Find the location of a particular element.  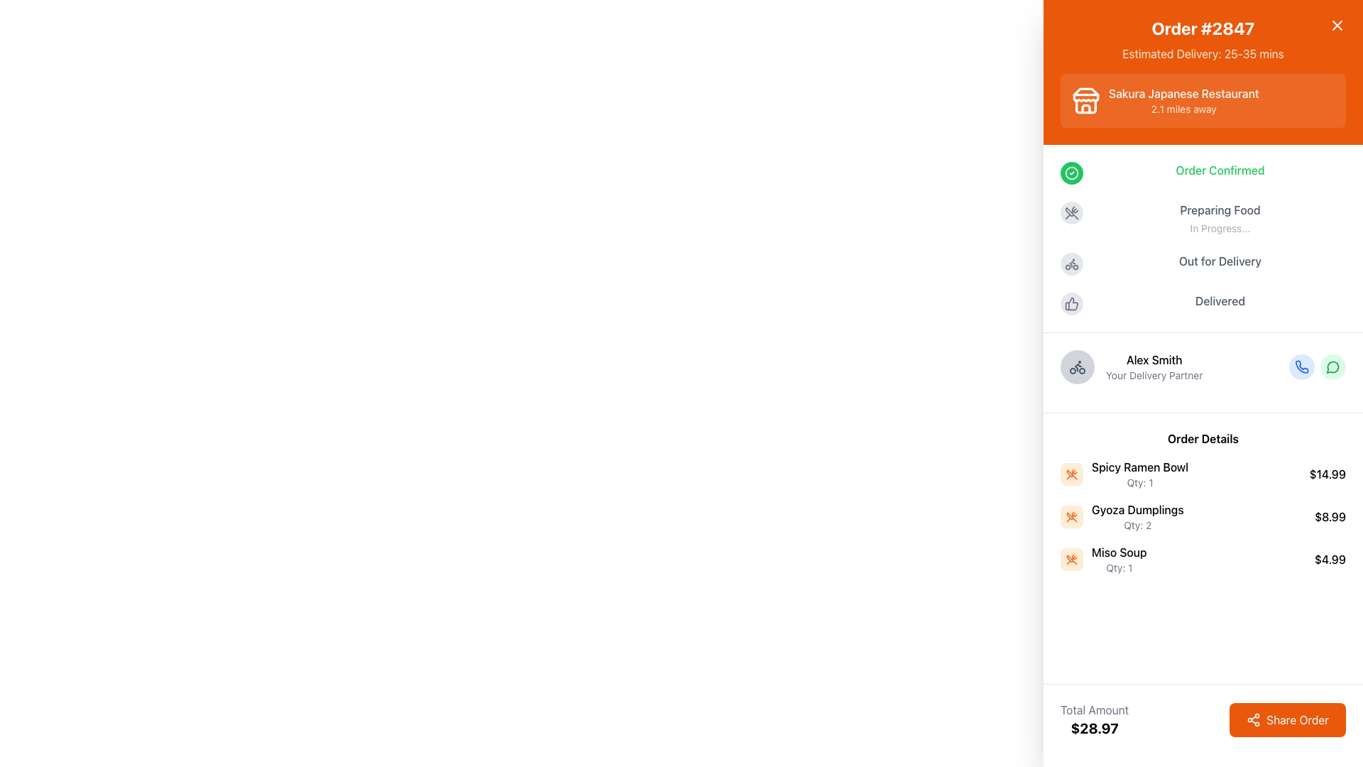

the crossed utensils icon in the 'Order Details' section, which is the second icon in a list of food-related content is located at coordinates (1072, 559).